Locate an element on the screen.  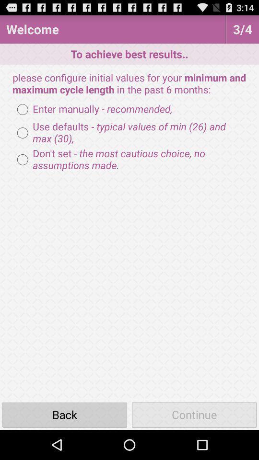
use defaults typical icon is located at coordinates (129, 132).